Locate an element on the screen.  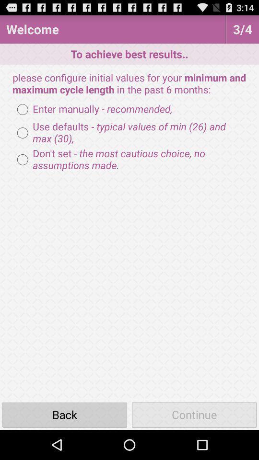
use defaults typical icon is located at coordinates (129, 132).